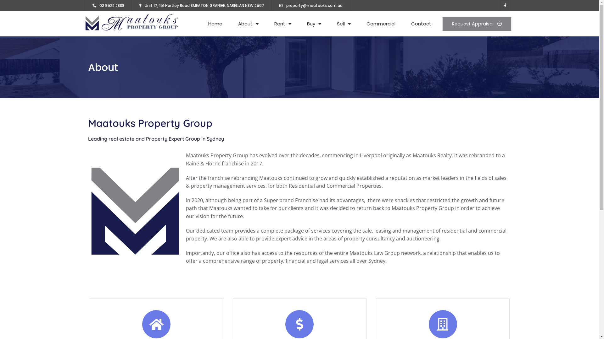  Describe the element at coordinates (84, 6) in the screenshot. I see `'02 9522 2888'` at that location.